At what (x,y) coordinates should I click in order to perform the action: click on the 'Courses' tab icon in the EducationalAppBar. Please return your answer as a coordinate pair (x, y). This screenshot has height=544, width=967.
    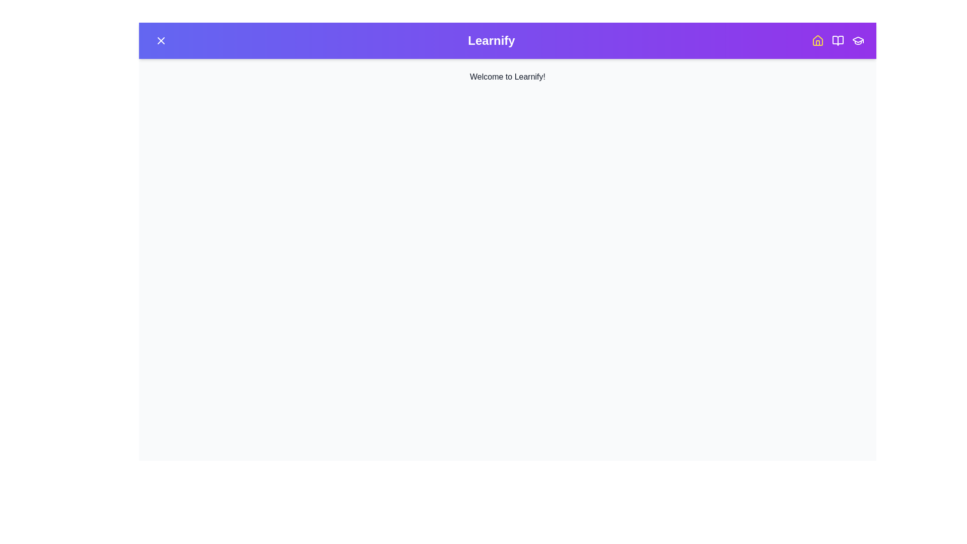
    Looking at the image, I should click on (838, 40).